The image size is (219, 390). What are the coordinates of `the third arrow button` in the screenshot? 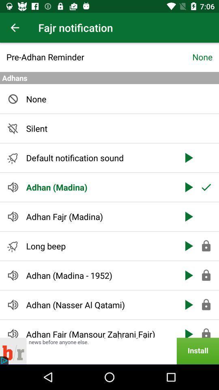 It's located at (188, 216).